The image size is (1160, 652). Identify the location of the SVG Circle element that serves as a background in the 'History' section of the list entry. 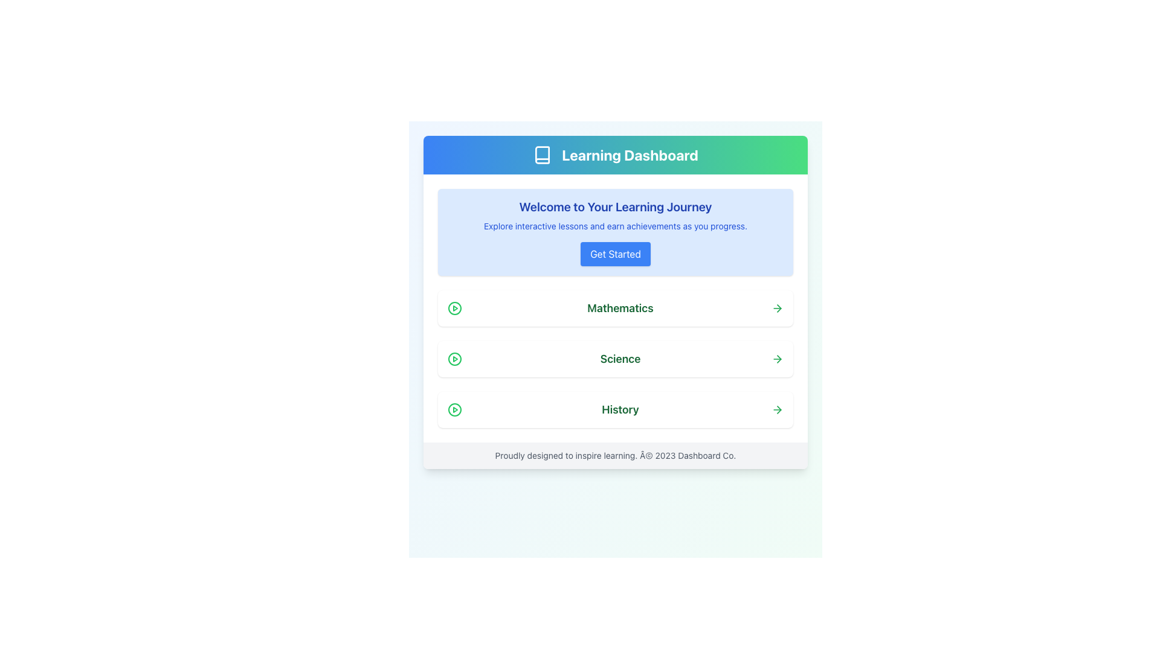
(454, 409).